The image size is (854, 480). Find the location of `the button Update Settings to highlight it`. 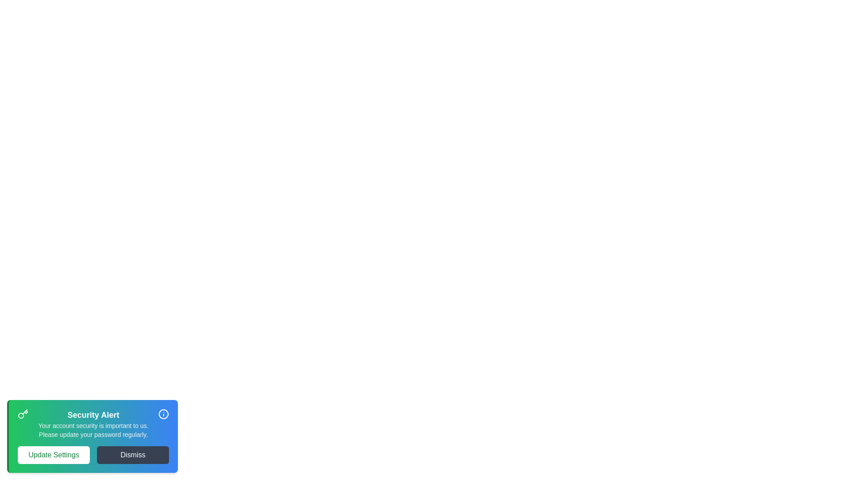

the button Update Settings to highlight it is located at coordinates (53, 455).